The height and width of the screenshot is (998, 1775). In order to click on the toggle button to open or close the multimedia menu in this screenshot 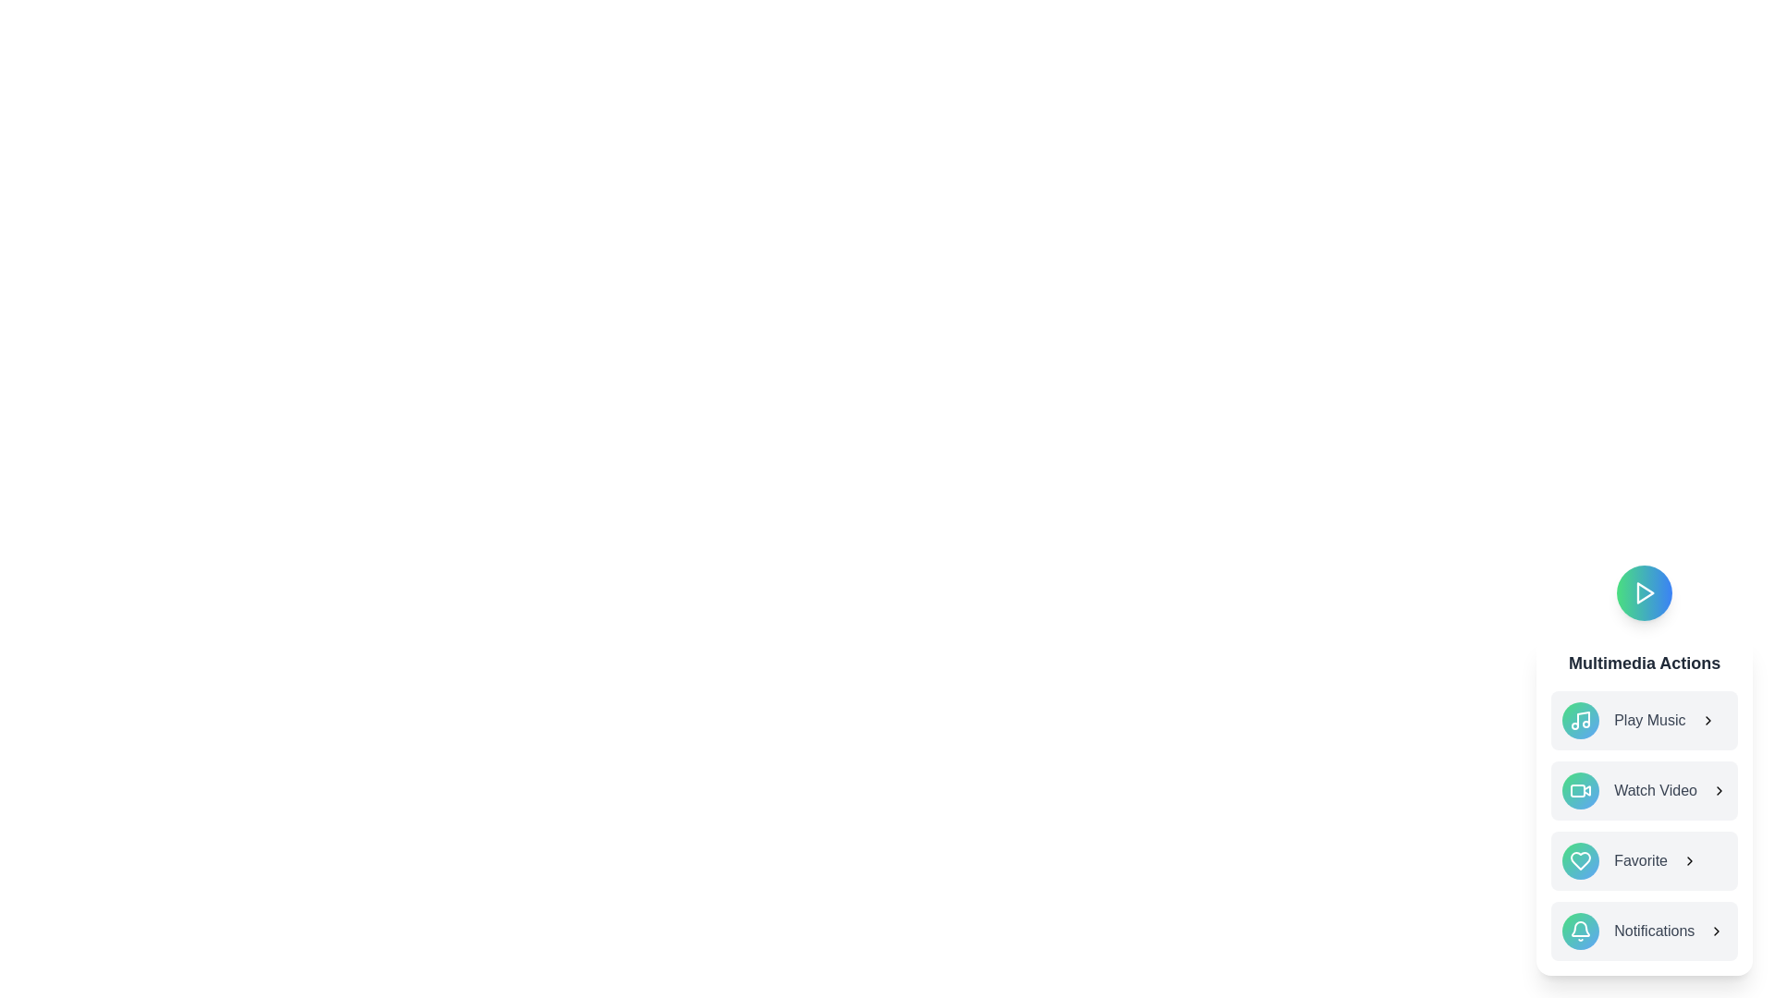, I will do `click(1645, 592)`.